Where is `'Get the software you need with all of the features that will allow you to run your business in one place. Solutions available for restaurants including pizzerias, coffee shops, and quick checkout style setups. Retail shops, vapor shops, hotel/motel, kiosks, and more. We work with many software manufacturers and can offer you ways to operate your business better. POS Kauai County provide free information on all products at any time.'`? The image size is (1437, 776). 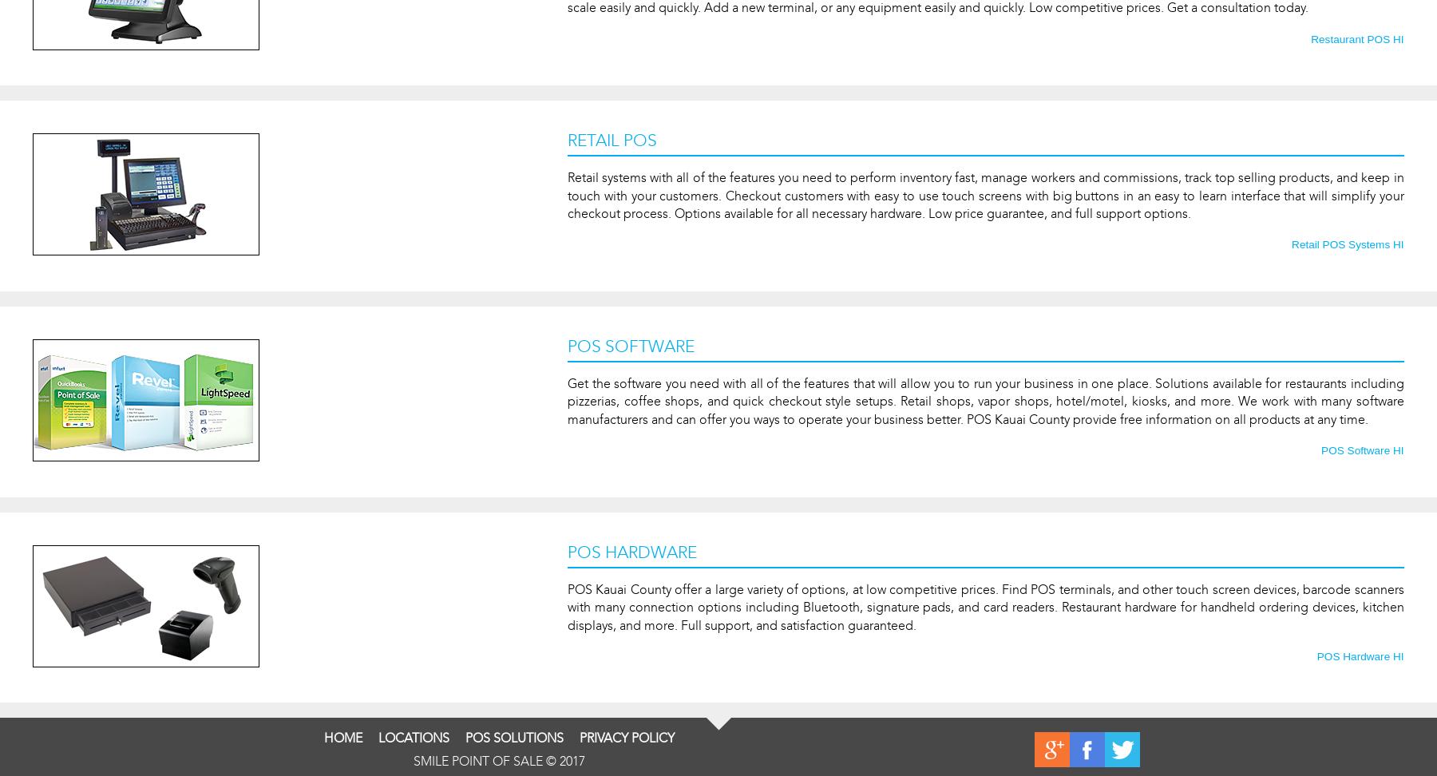 'Get the software you need with all of the features that will allow you to run your business in one place. Solutions available for restaurants including pizzerias, coffee shops, and quick checkout style setups. Retail shops, vapor shops, hotel/motel, kiosks, and more. We work with many software manufacturers and can offer you ways to operate your business better. POS Kauai County provide free information on all products at any time.' is located at coordinates (984, 401).